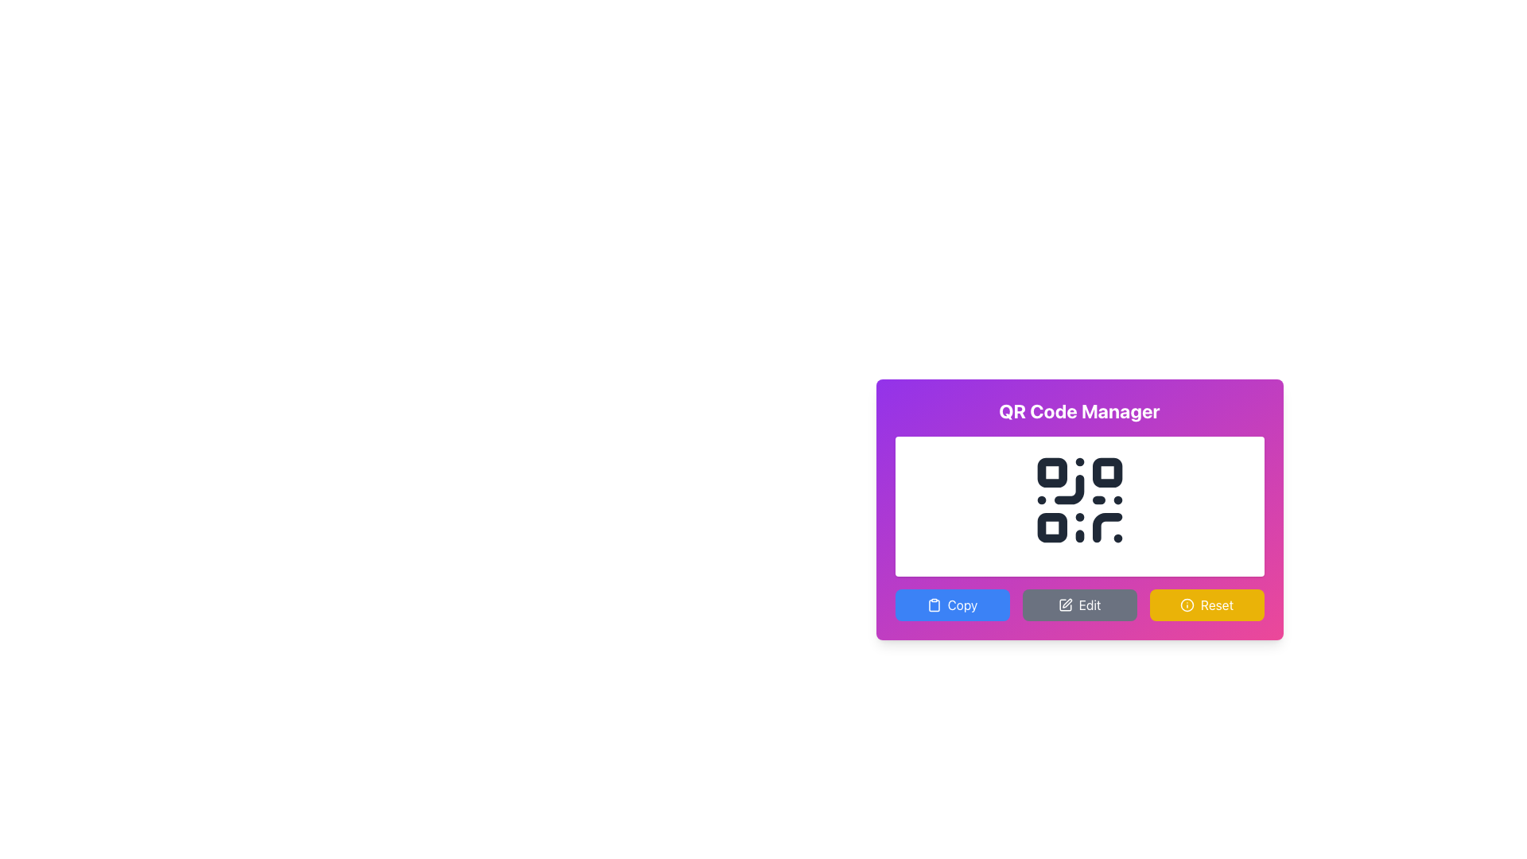  Describe the element at coordinates (1051, 527) in the screenshot. I see `the small square with a rounded-corner border located in the lower-left corner of the three squares in the QR code layout` at that location.